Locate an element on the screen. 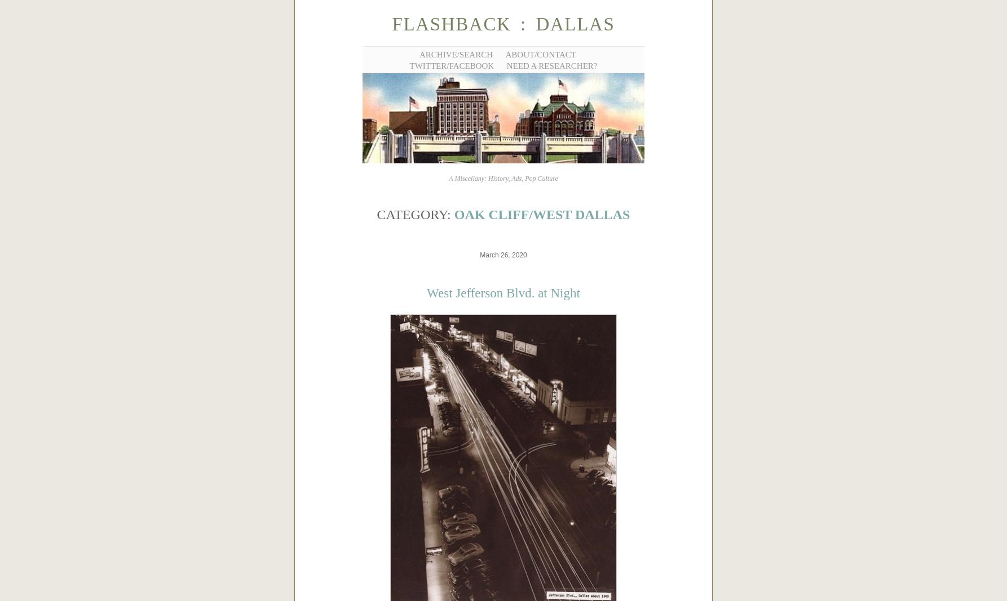 Image resolution: width=1007 pixels, height=601 pixels. 'Flashback : Dallas' is located at coordinates (502, 24).